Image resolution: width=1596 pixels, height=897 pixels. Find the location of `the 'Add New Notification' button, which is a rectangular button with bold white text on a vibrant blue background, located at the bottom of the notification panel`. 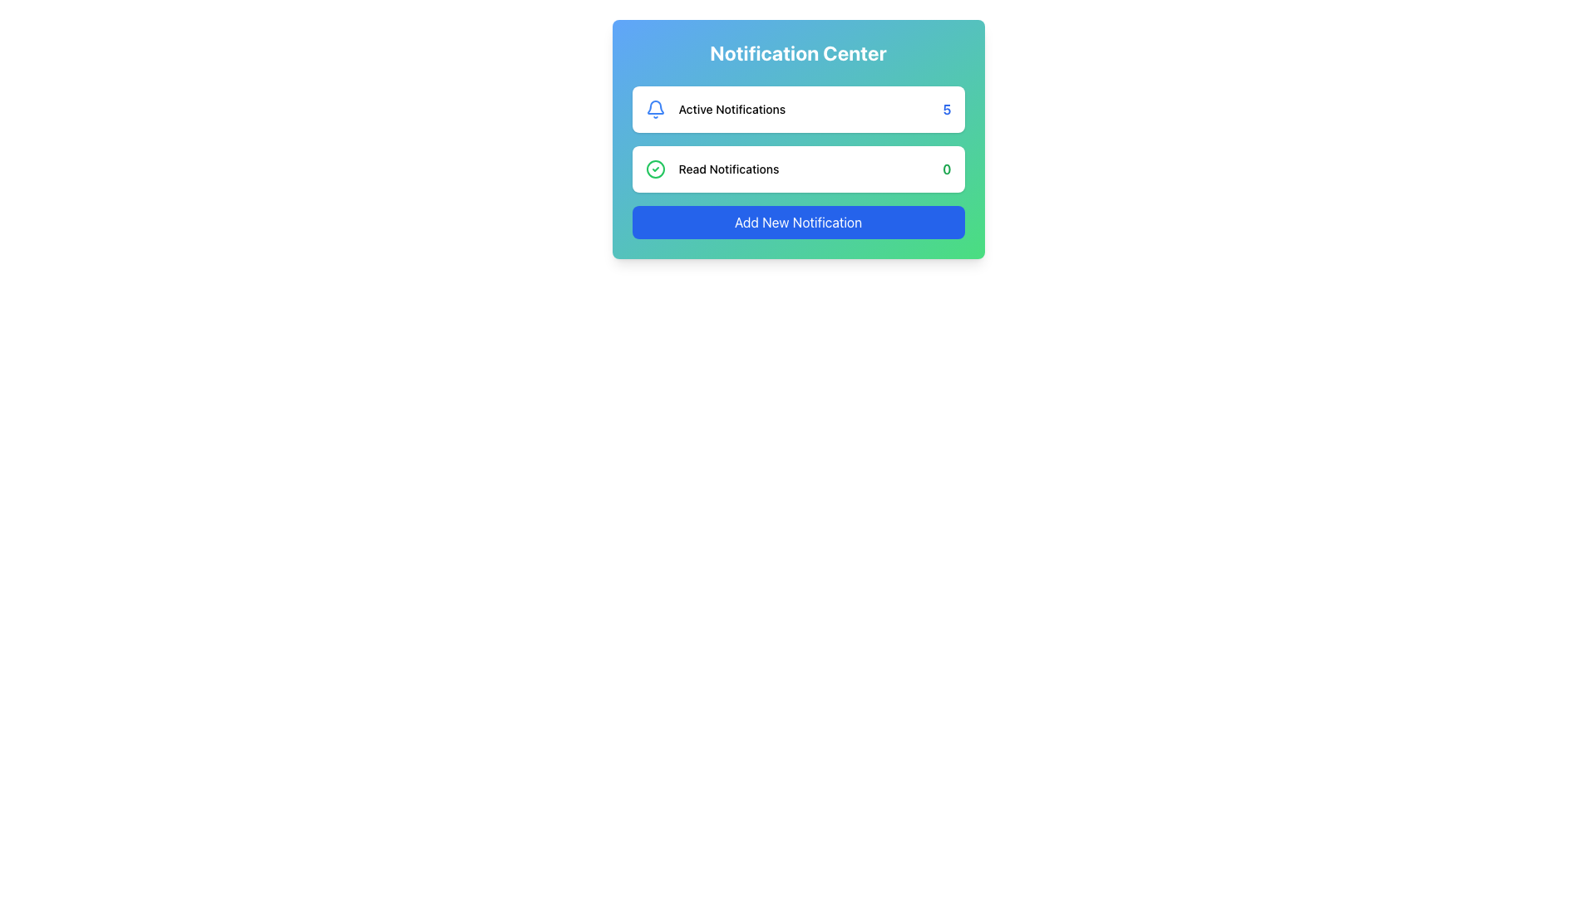

the 'Add New Notification' button, which is a rectangular button with bold white text on a vibrant blue background, located at the bottom of the notification panel is located at coordinates (798, 221).